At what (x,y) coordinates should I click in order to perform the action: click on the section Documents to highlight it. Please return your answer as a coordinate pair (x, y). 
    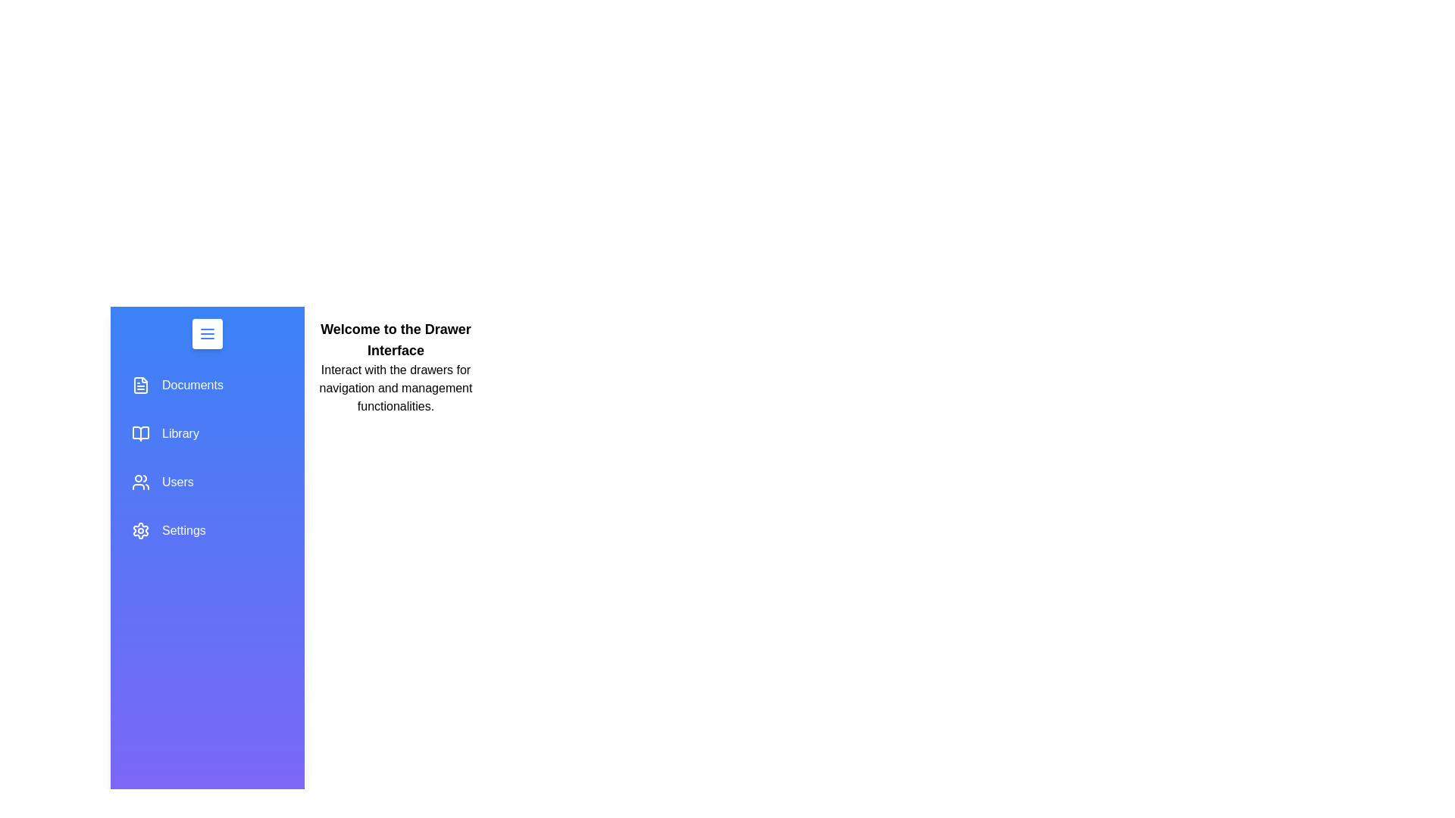
    Looking at the image, I should click on (206, 385).